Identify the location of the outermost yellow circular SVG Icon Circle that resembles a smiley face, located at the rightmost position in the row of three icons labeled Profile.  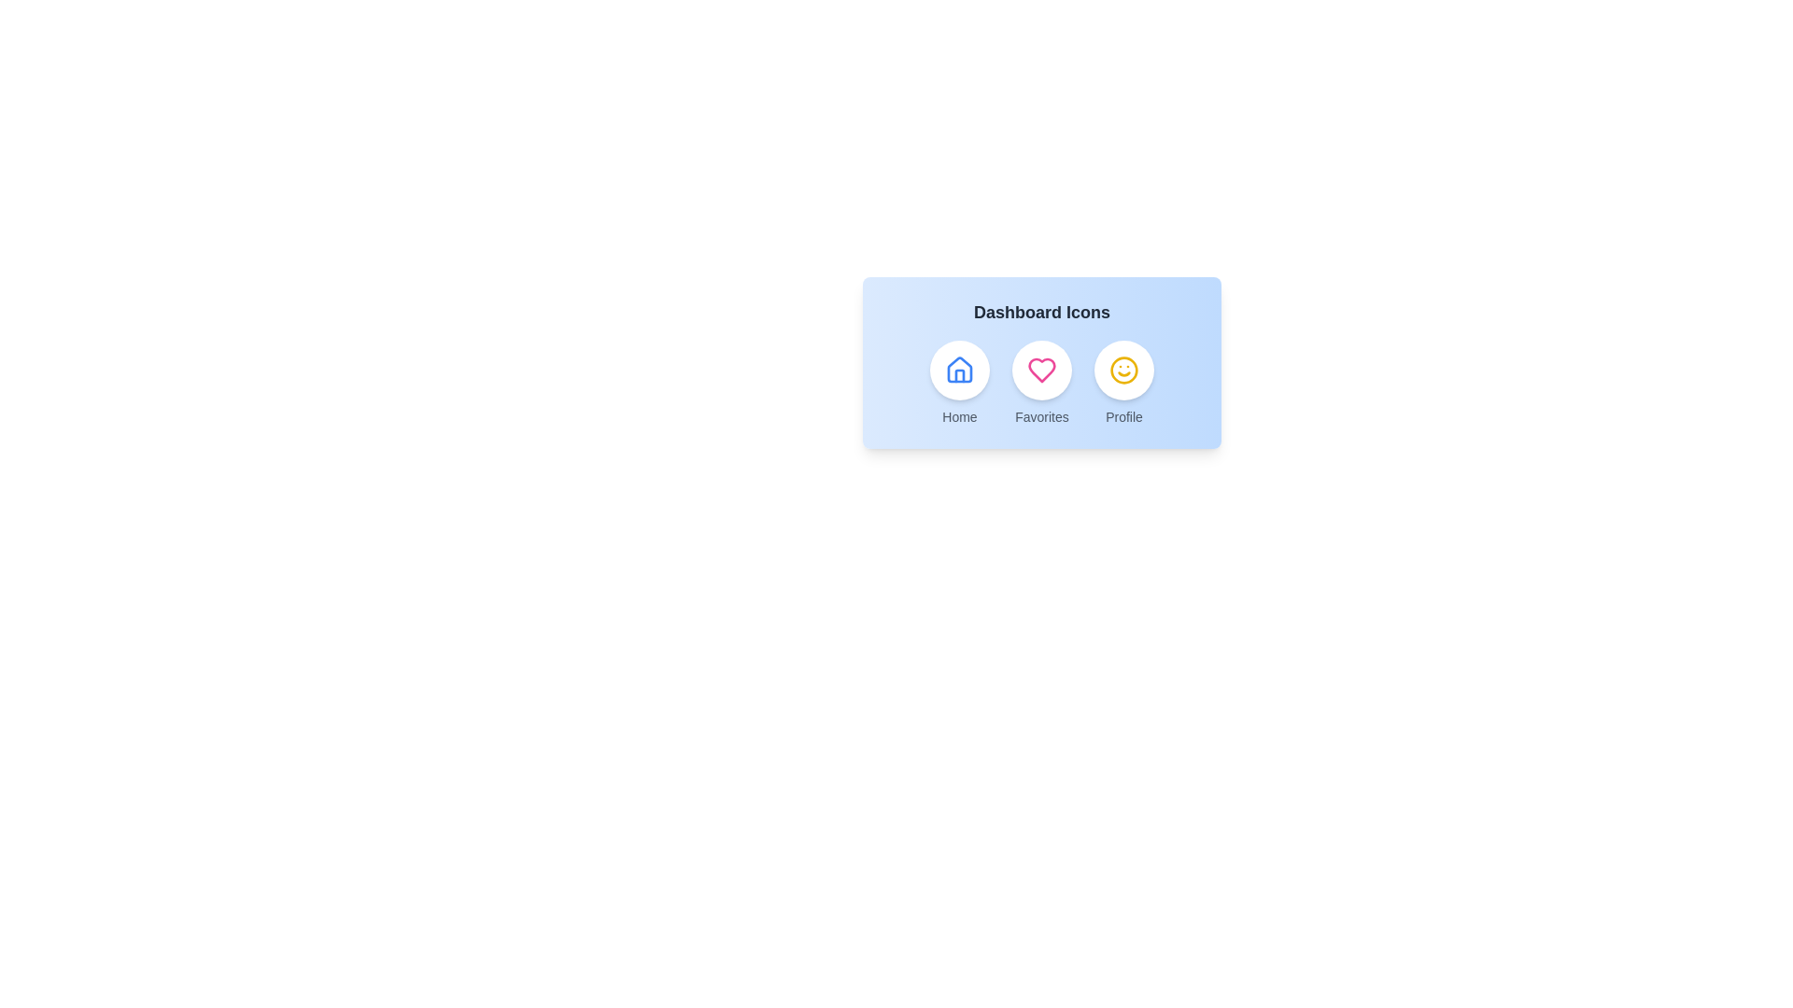
(1123, 371).